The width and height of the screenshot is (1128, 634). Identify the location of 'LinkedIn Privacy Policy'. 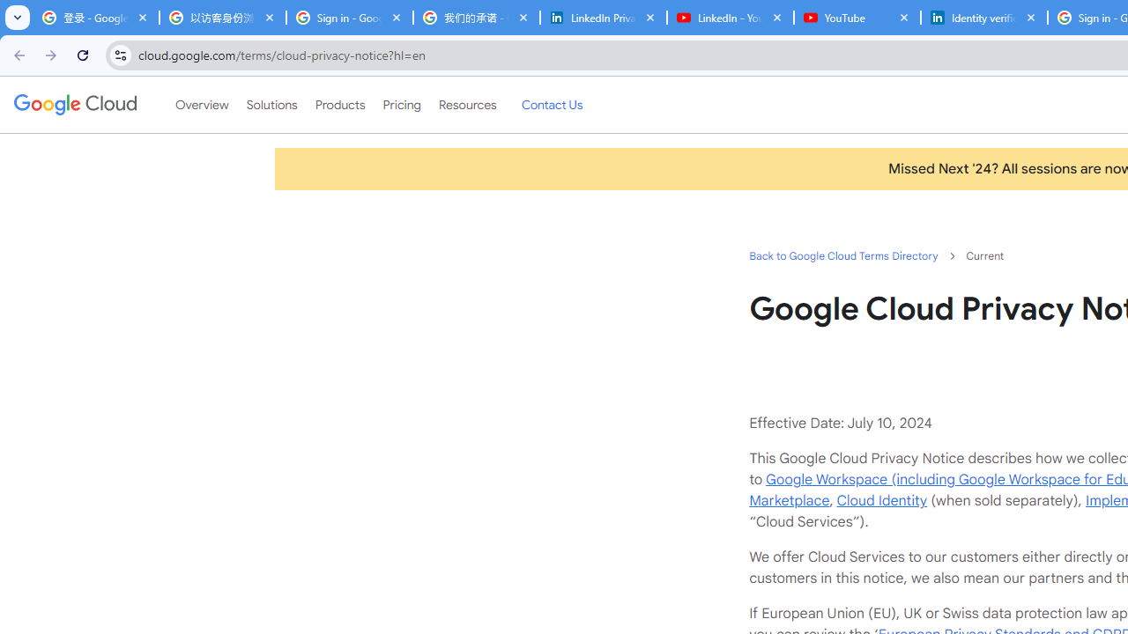
(603, 18).